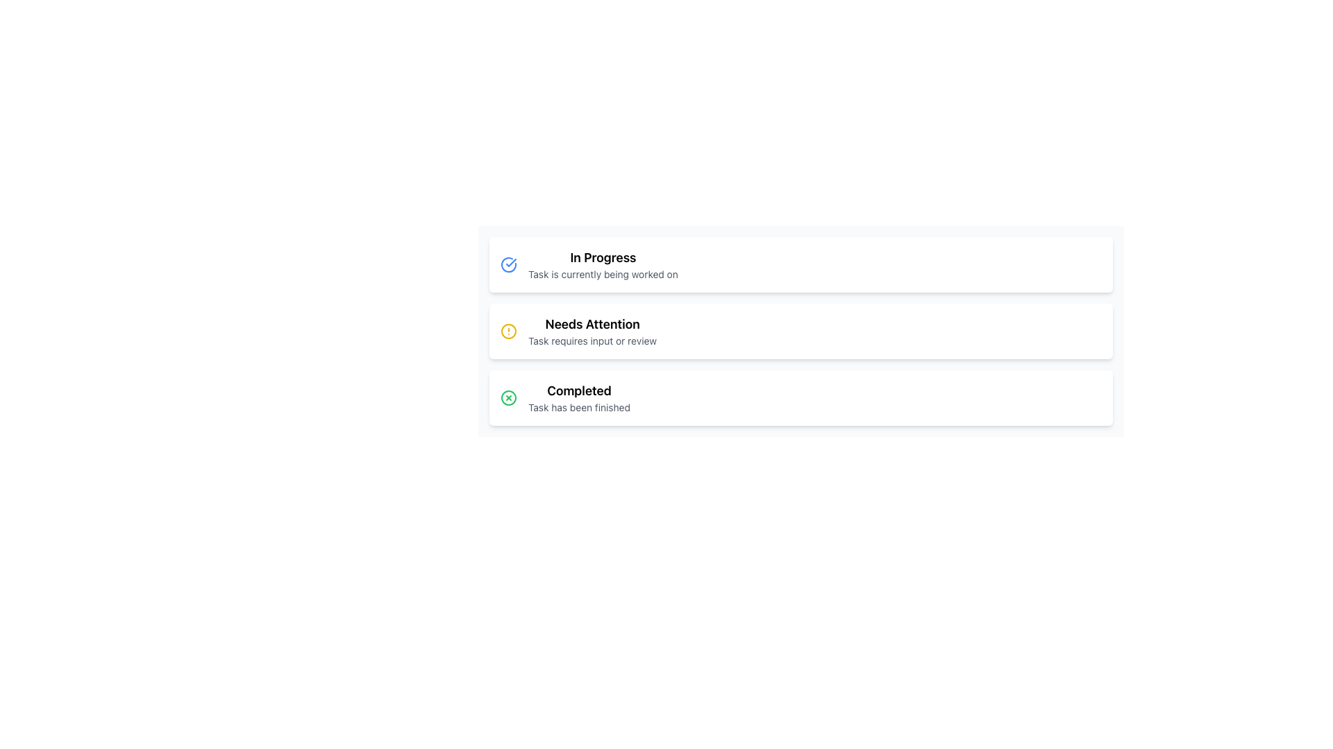 This screenshot has width=1333, height=749. What do you see at coordinates (579, 398) in the screenshot?
I see `the static text block displaying 'Completed' and 'Task has been finished', which is located to the right of a green circular checkmark icon and below the 'Needs Attention' item` at bounding box center [579, 398].